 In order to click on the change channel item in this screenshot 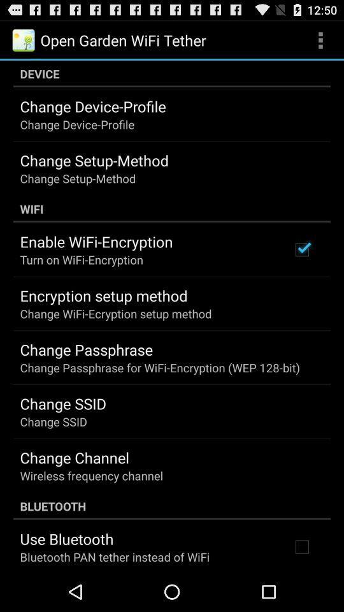, I will do `click(75, 457)`.